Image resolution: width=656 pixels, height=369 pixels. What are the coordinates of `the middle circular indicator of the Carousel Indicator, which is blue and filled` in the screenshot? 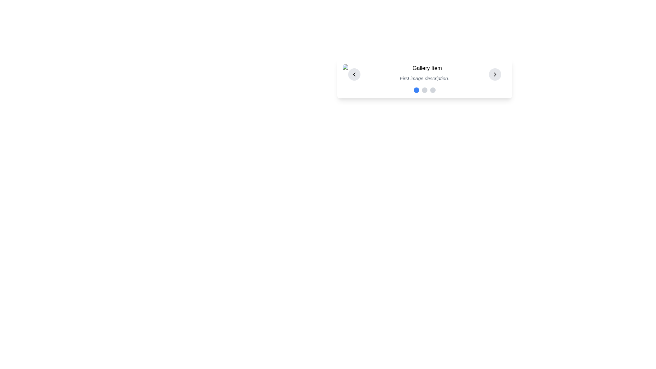 It's located at (424, 90).